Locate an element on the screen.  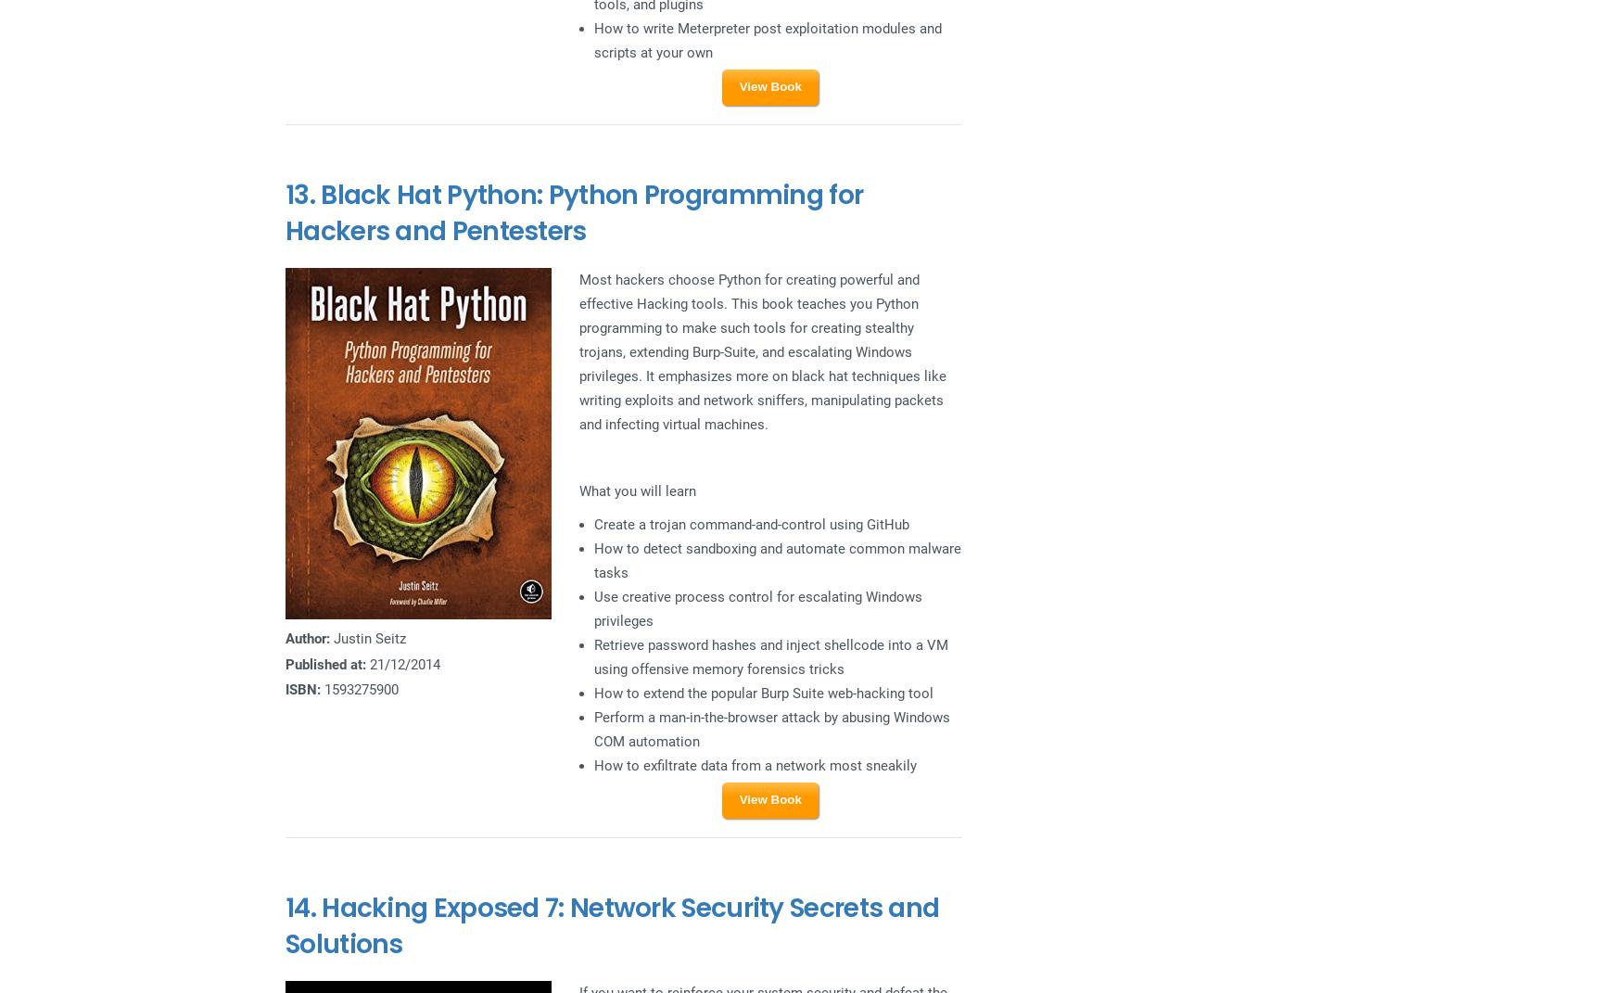
'13.' is located at coordinates (302, 193).